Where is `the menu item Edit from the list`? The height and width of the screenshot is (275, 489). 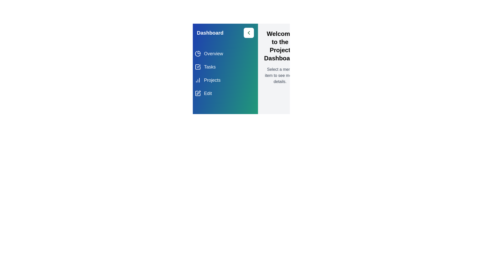
the menu item Edit from the list is located at coordinates (225, 93).